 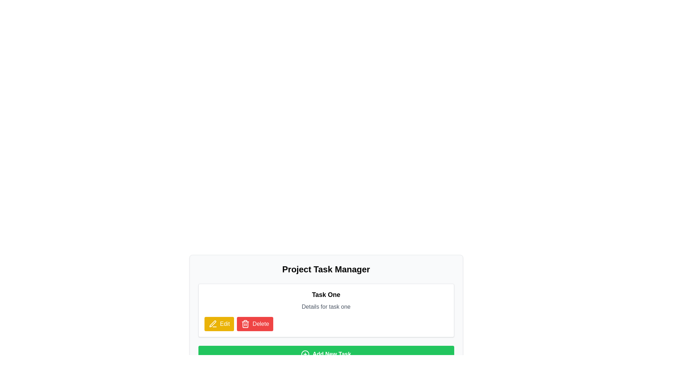 What do you see at coordinates (255, 324) in the screenshot?
I see `the delete button located to the right of the yellow 'Edit' button, below the title 'Task One', to invoke deletion` at bounding box center [255, 324].